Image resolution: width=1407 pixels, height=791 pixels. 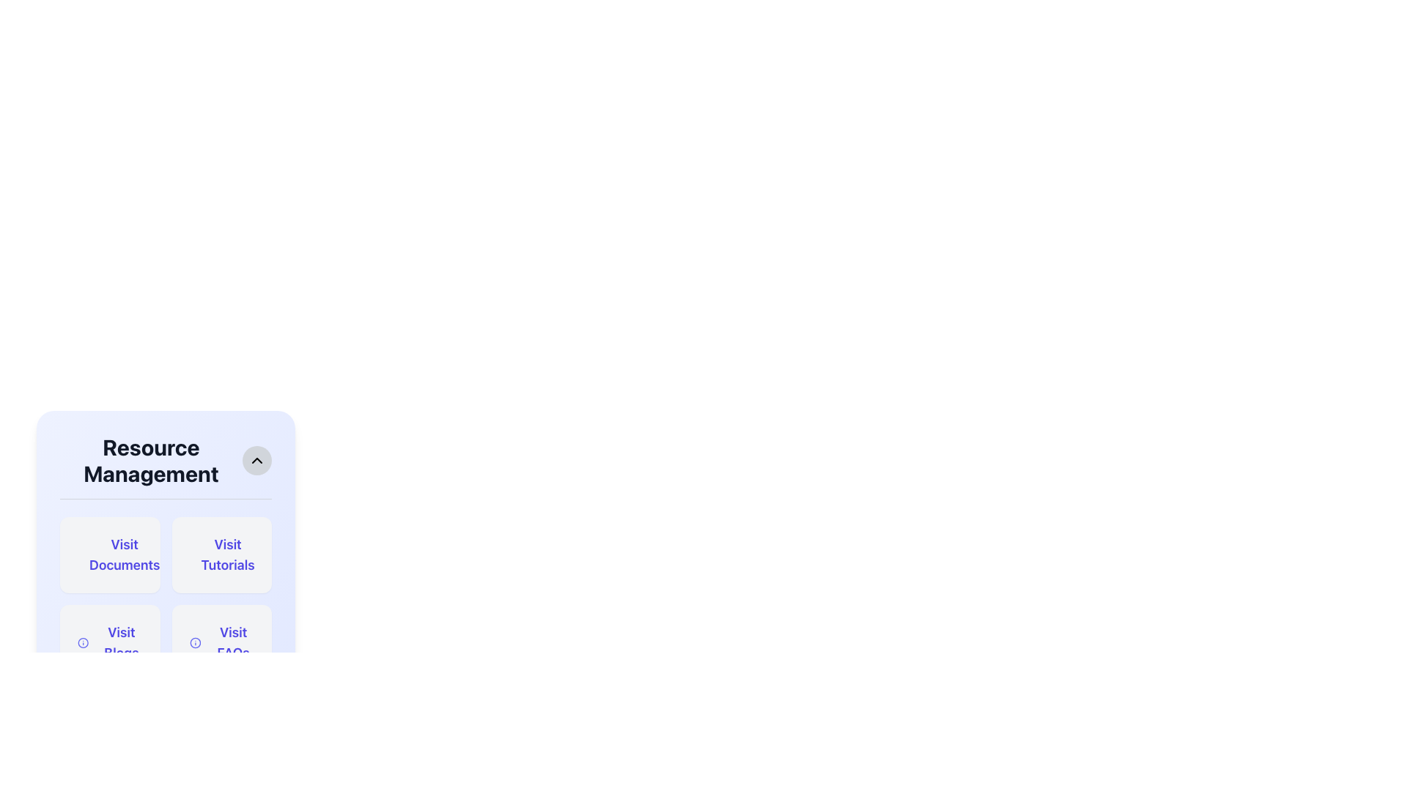 What do you see at coordinates (227, 555) in the screenshot?
I see `the 'Visit Tutorials' hyperlink styled as a button located in the top-right corner of the 'Resource Management' section to observe the hover effect` at bounding box center [227, 555].